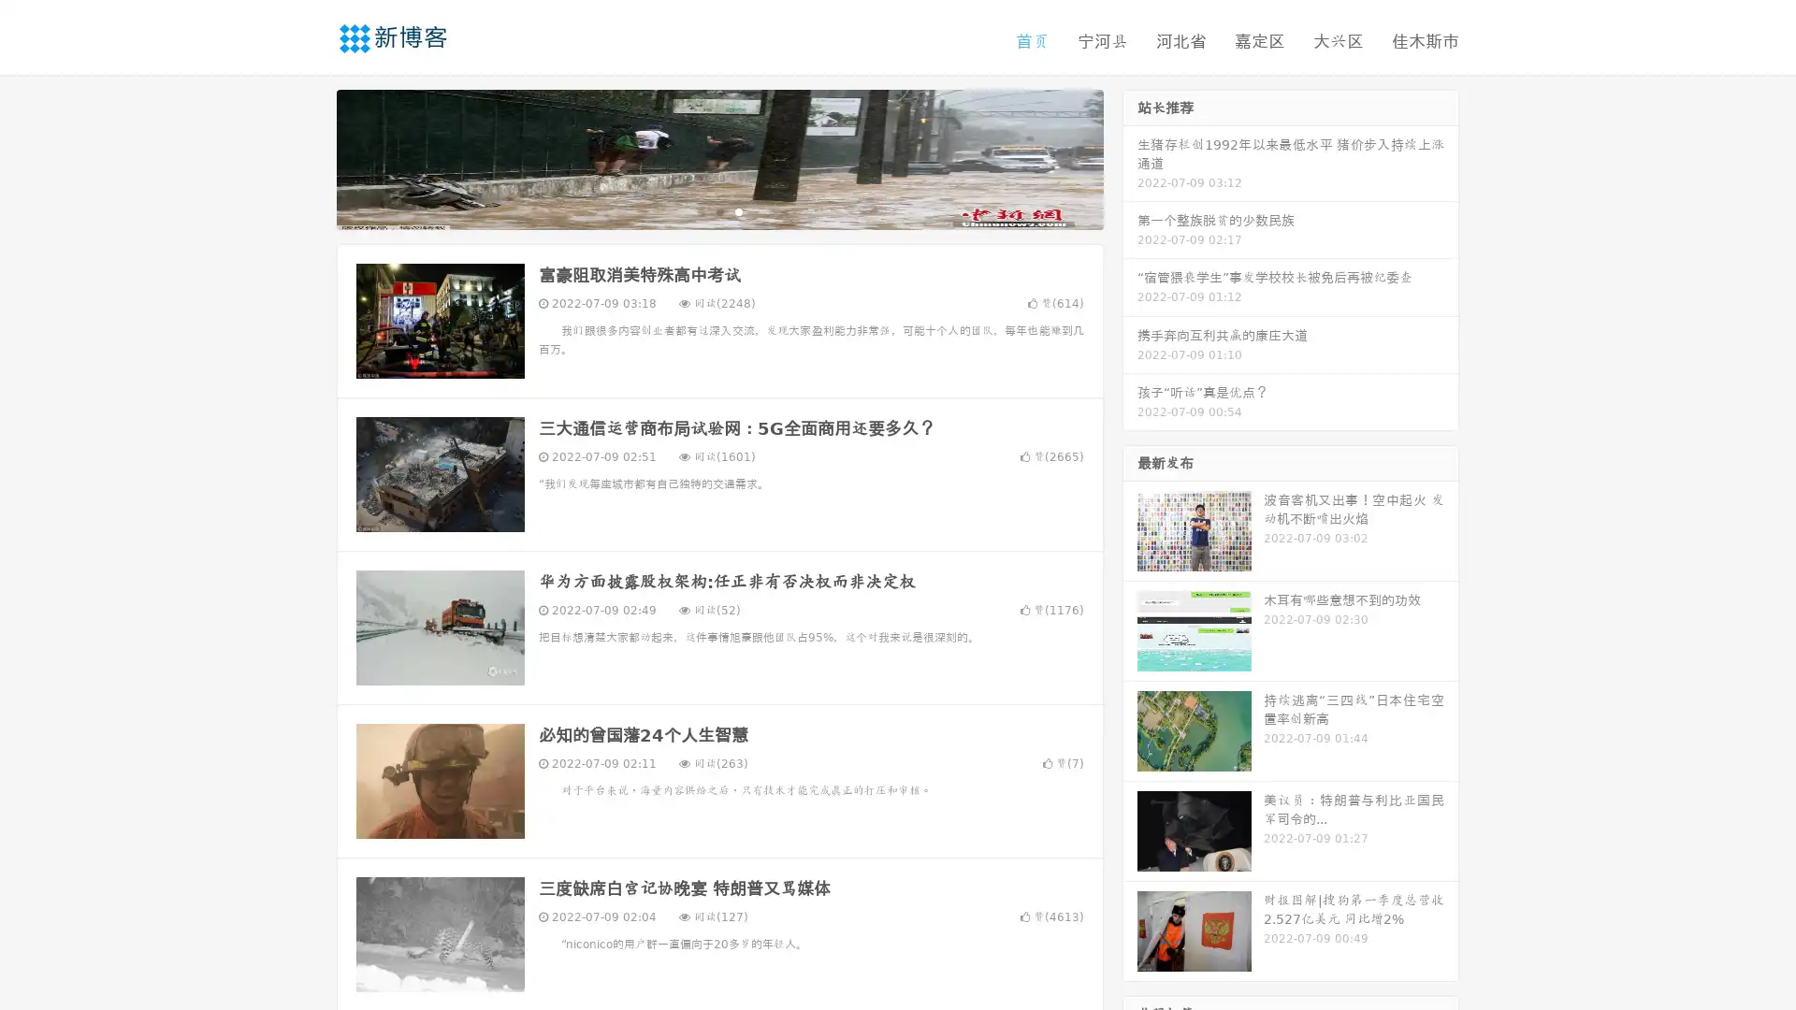 Image resolution: width=1796 pixels, height=1010 pixels. I want to click on Next slide, so click(1130, 157).